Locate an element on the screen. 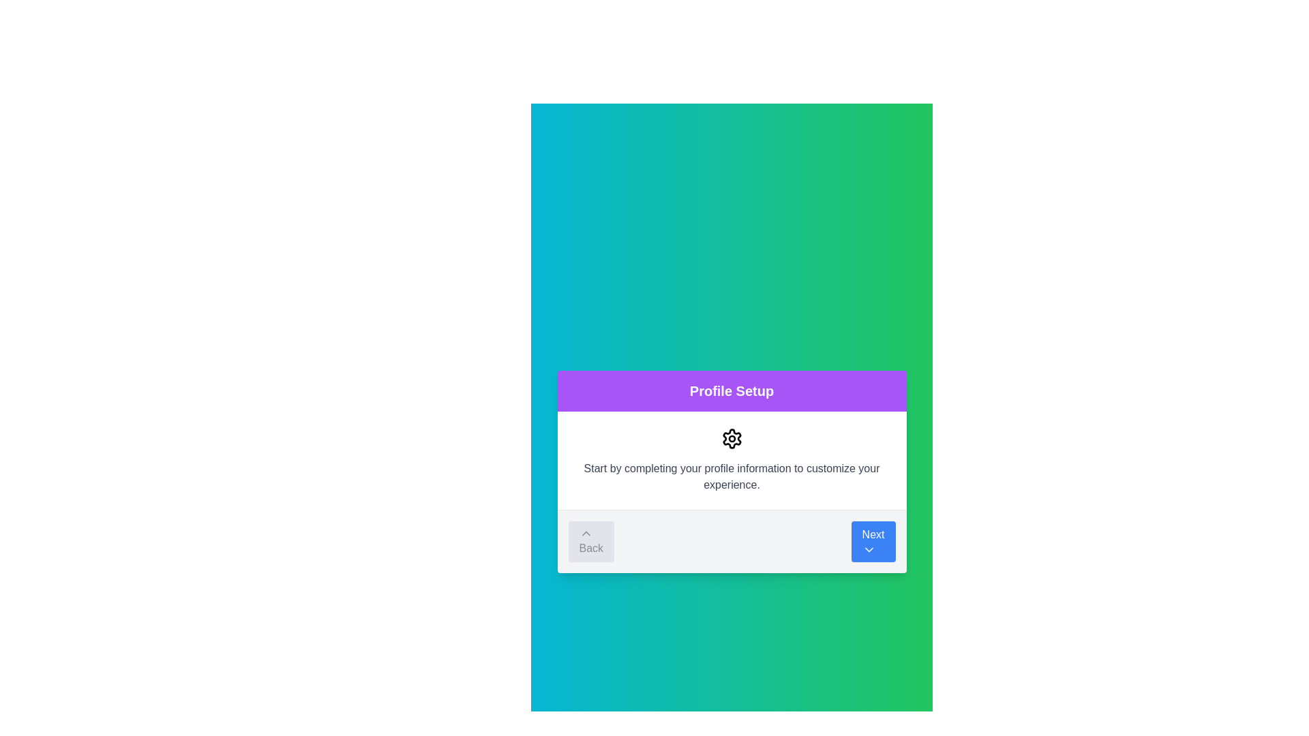 Image resolution: width=1309 pixels, height=736 pixels. the chevron-down SVG icon located at the bottom-right corner of the 'Next' button is located at coordinates (868, 549).